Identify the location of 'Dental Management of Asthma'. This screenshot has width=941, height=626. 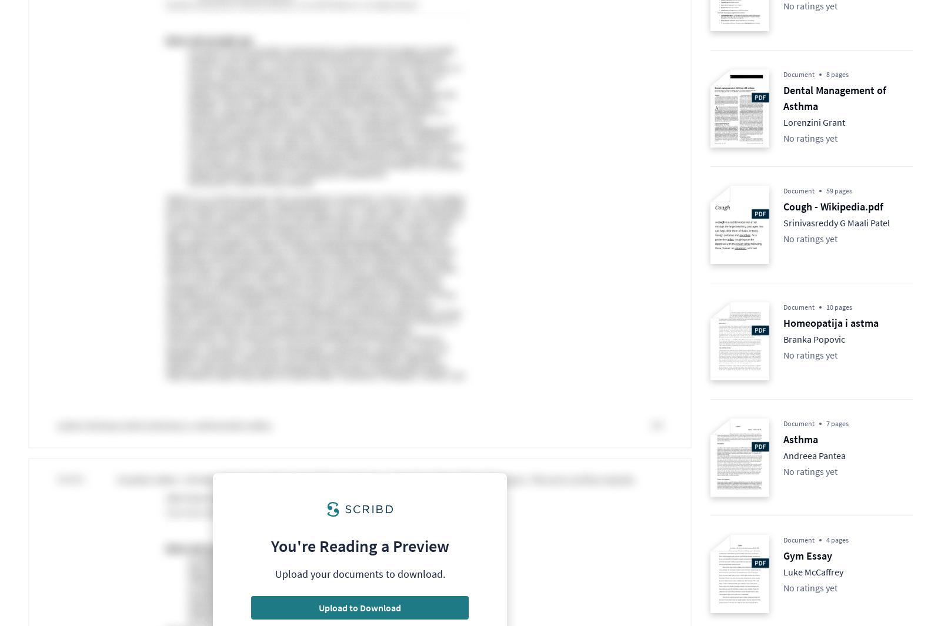
(783, 97).